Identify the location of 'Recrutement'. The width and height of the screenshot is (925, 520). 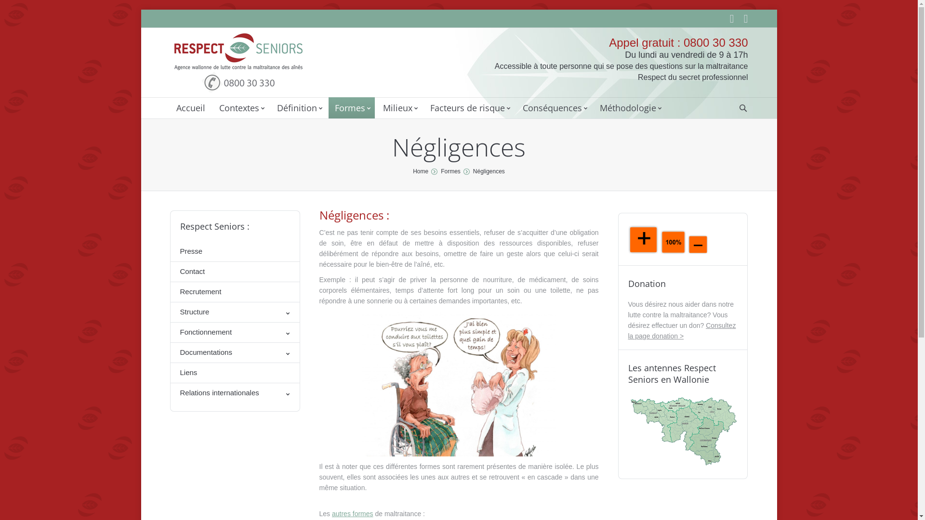
(171, 291).